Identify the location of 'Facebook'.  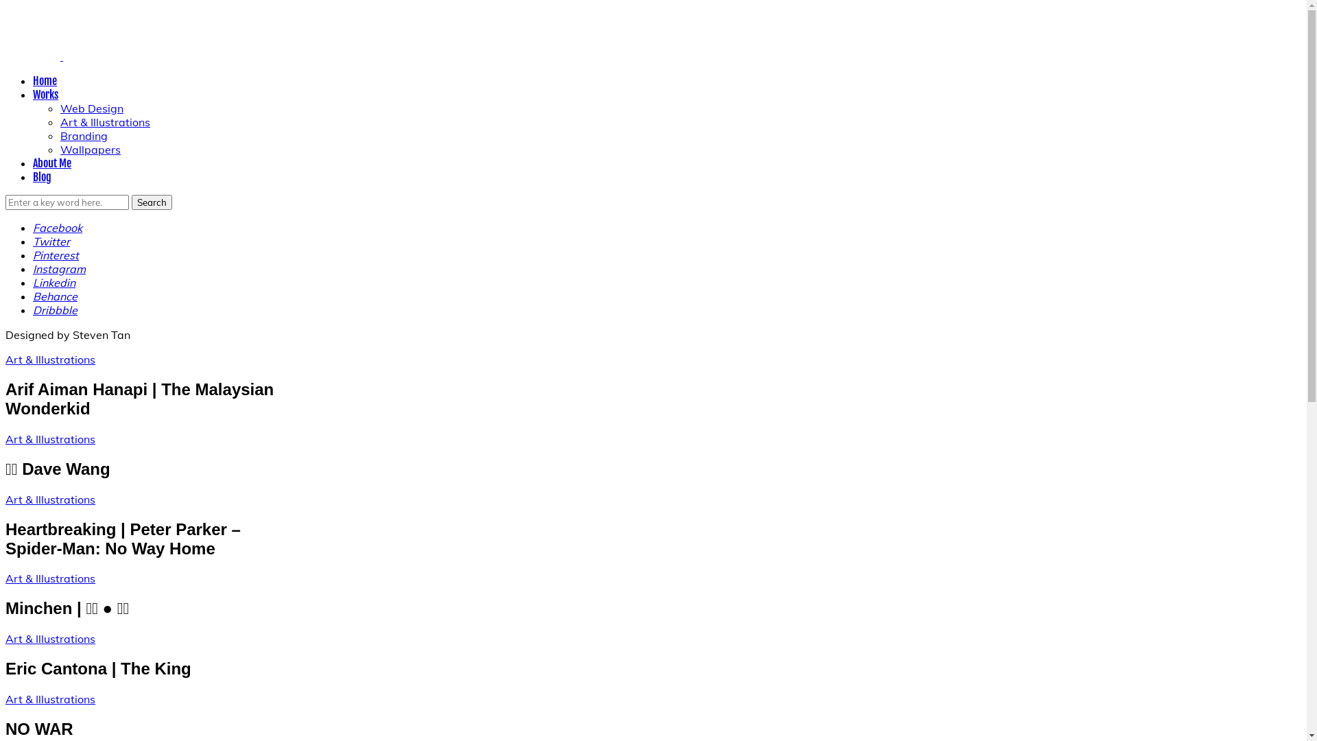
(56, 226).